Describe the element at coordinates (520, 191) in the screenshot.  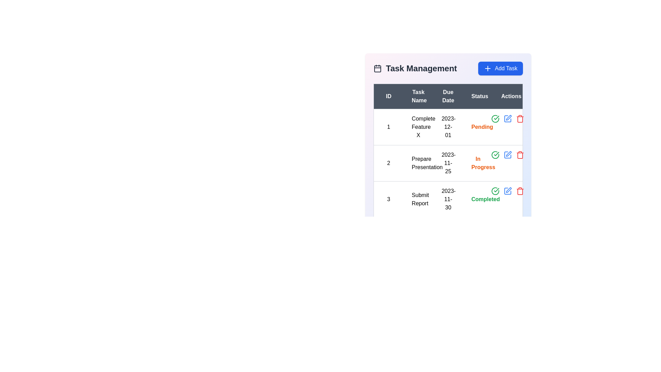
I see `the trash can icon button in the last column of the third row` at that location.